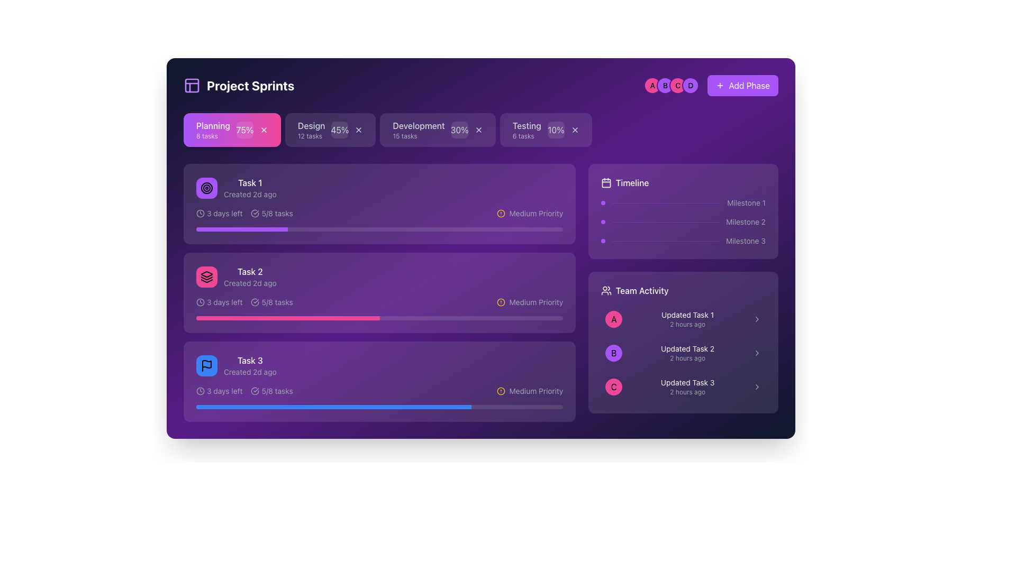  Describe the element at coordinates (264, 130) in the screenshot. I see `the Close button (cross shape) located at the rightmost end of the 'Planning' card, adjacent to the percentage indicator '75%'` at that location.